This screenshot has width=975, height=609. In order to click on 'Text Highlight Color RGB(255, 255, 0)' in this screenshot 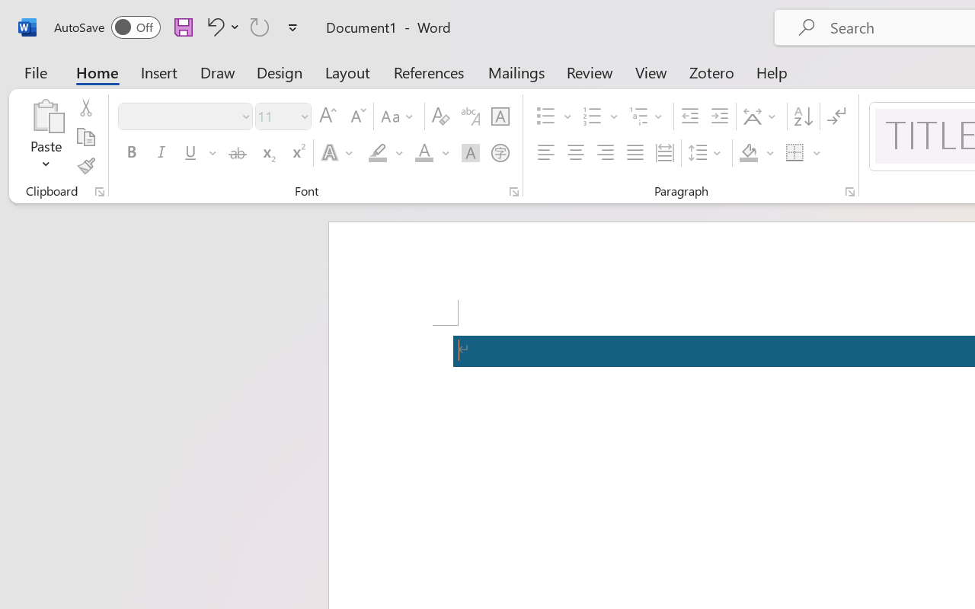, I will do `click(378, 153)`.